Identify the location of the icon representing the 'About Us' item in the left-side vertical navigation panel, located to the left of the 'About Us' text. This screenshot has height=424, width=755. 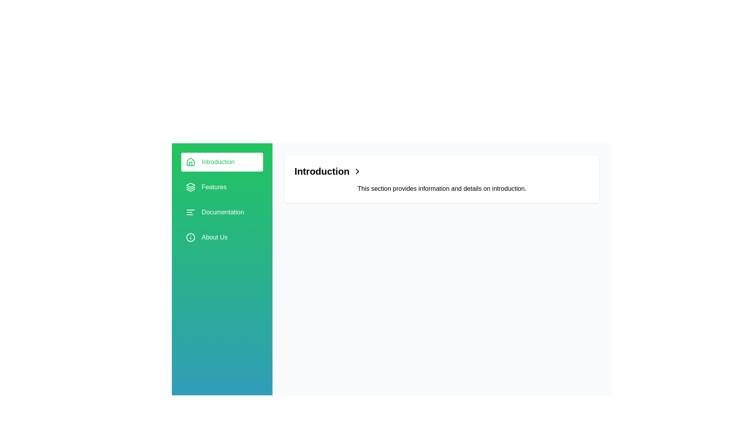
(190, 237).